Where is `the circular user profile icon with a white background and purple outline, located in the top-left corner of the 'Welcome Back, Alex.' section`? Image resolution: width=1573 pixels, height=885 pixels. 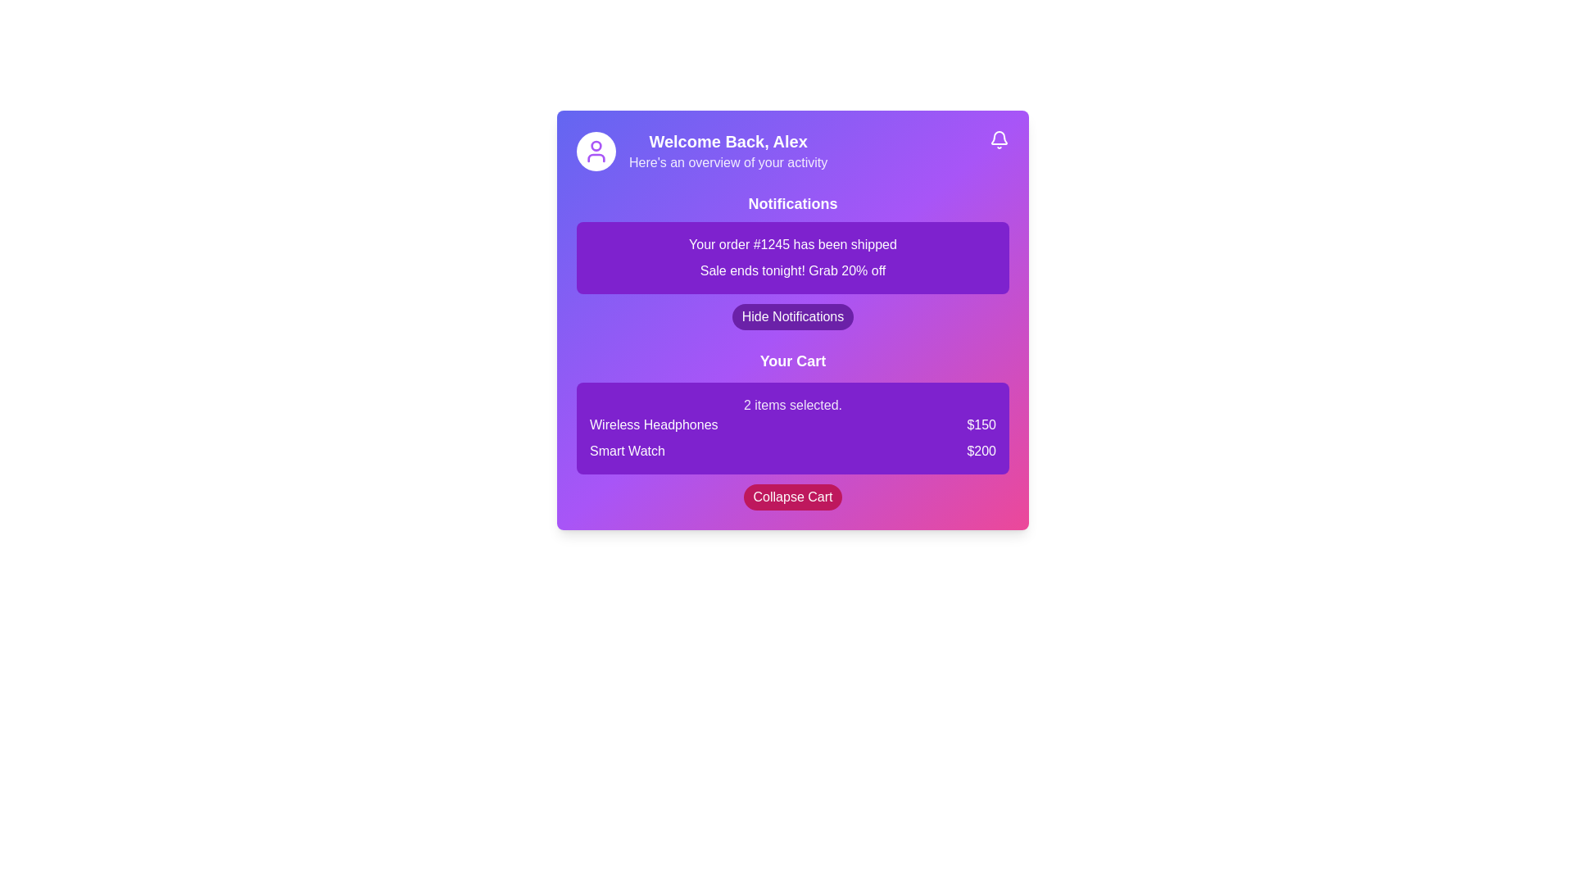
the circular user profile icon with a white background and purple outline, located in the top-left corner of the 'Welcome Back, Alex.' section is located at coordinates (596, 152).